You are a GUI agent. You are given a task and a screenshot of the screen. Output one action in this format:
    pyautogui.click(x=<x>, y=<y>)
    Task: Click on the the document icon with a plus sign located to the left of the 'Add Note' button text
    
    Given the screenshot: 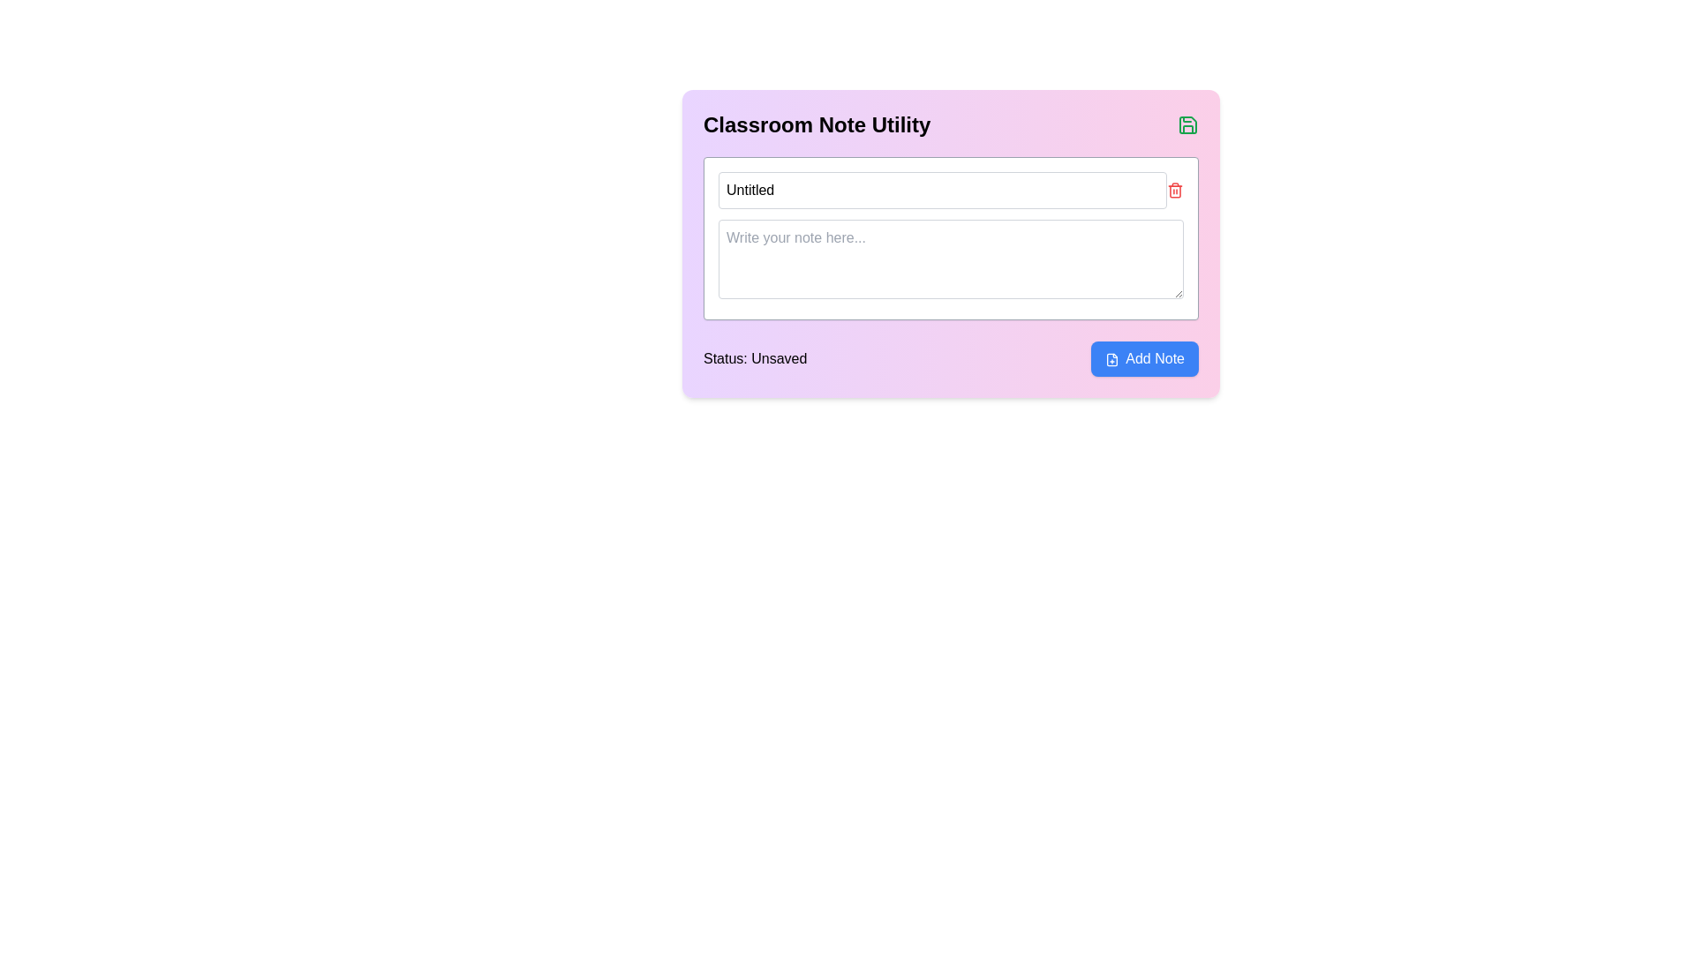 What is the action you would take?
    pyautogui.click(x=1111, y=358)
    